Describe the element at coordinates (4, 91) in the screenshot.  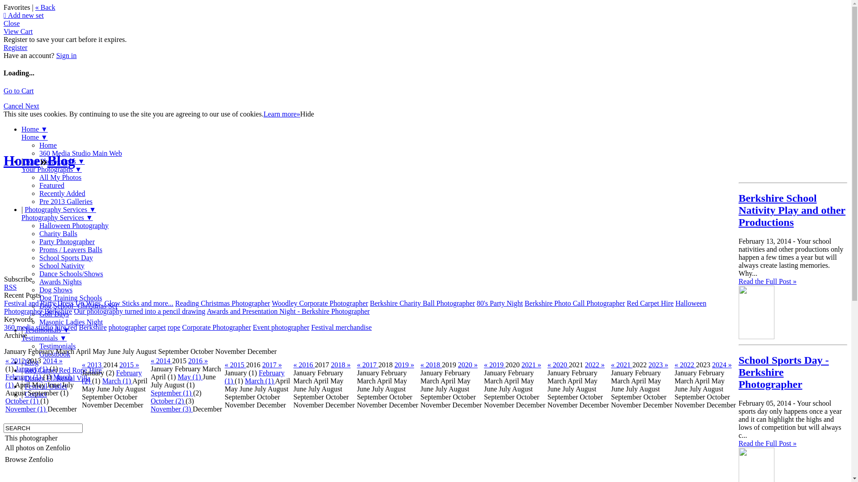
I see `'Go to Cart'` at that location.